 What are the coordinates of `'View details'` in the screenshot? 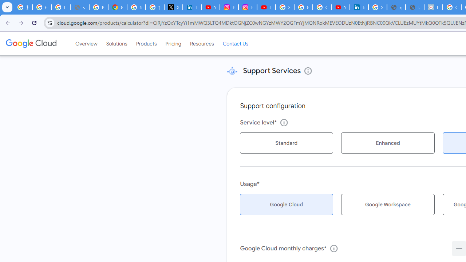 It's located at (308, 71).